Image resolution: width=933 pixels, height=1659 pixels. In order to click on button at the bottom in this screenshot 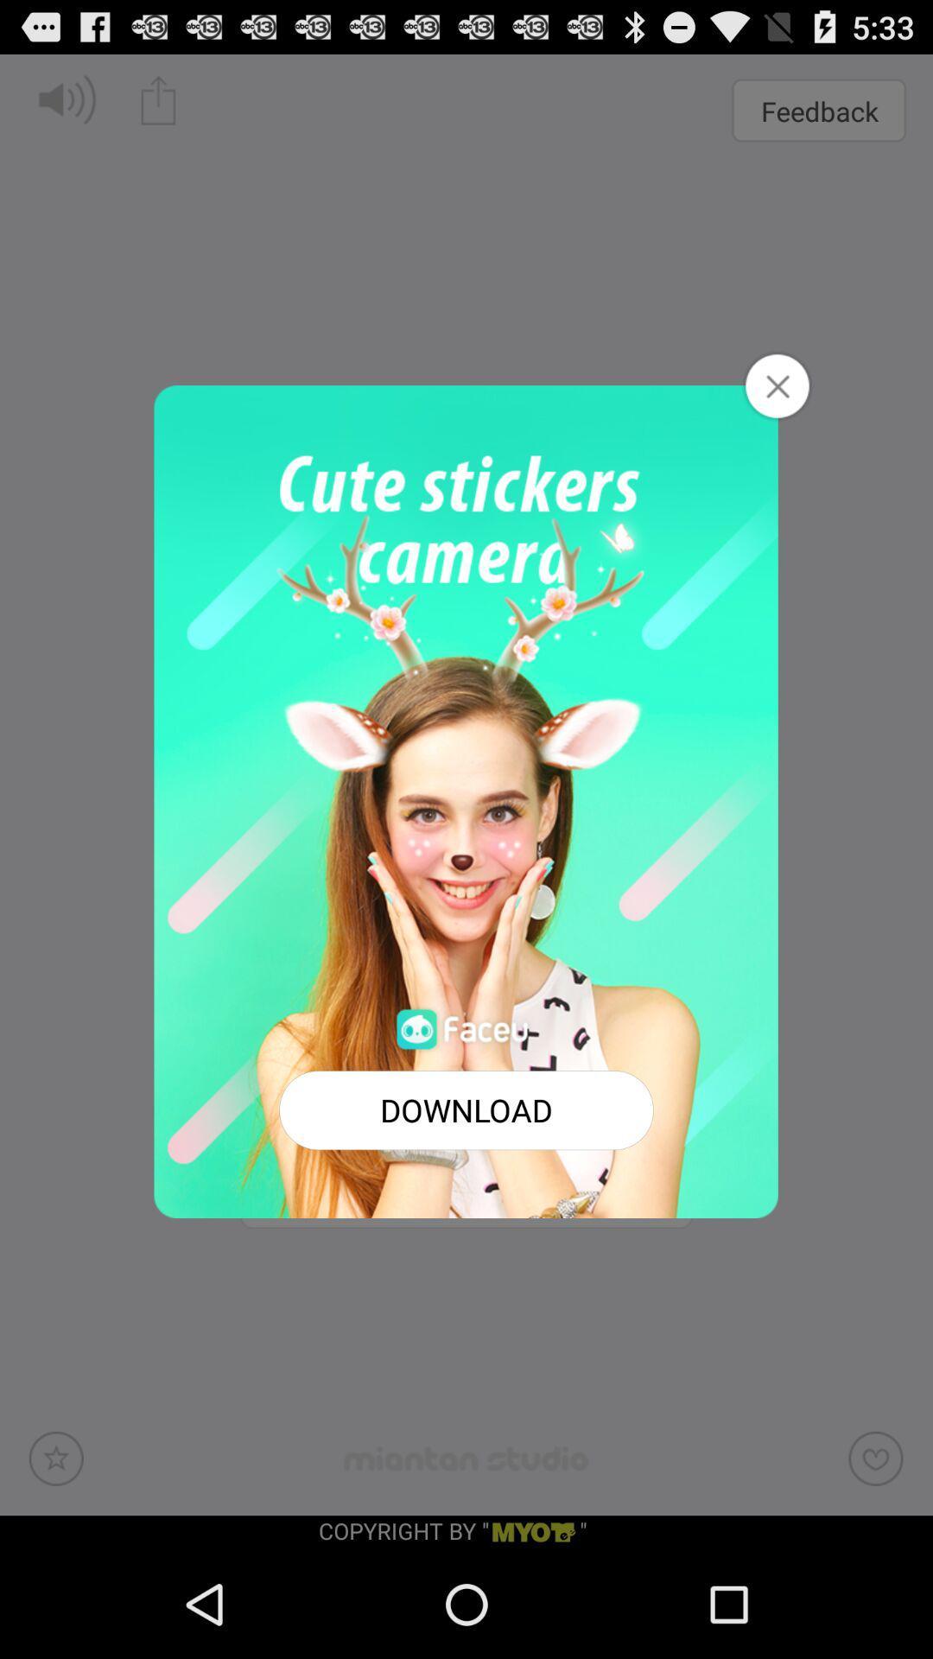, I will do `click(466, 1110)`.